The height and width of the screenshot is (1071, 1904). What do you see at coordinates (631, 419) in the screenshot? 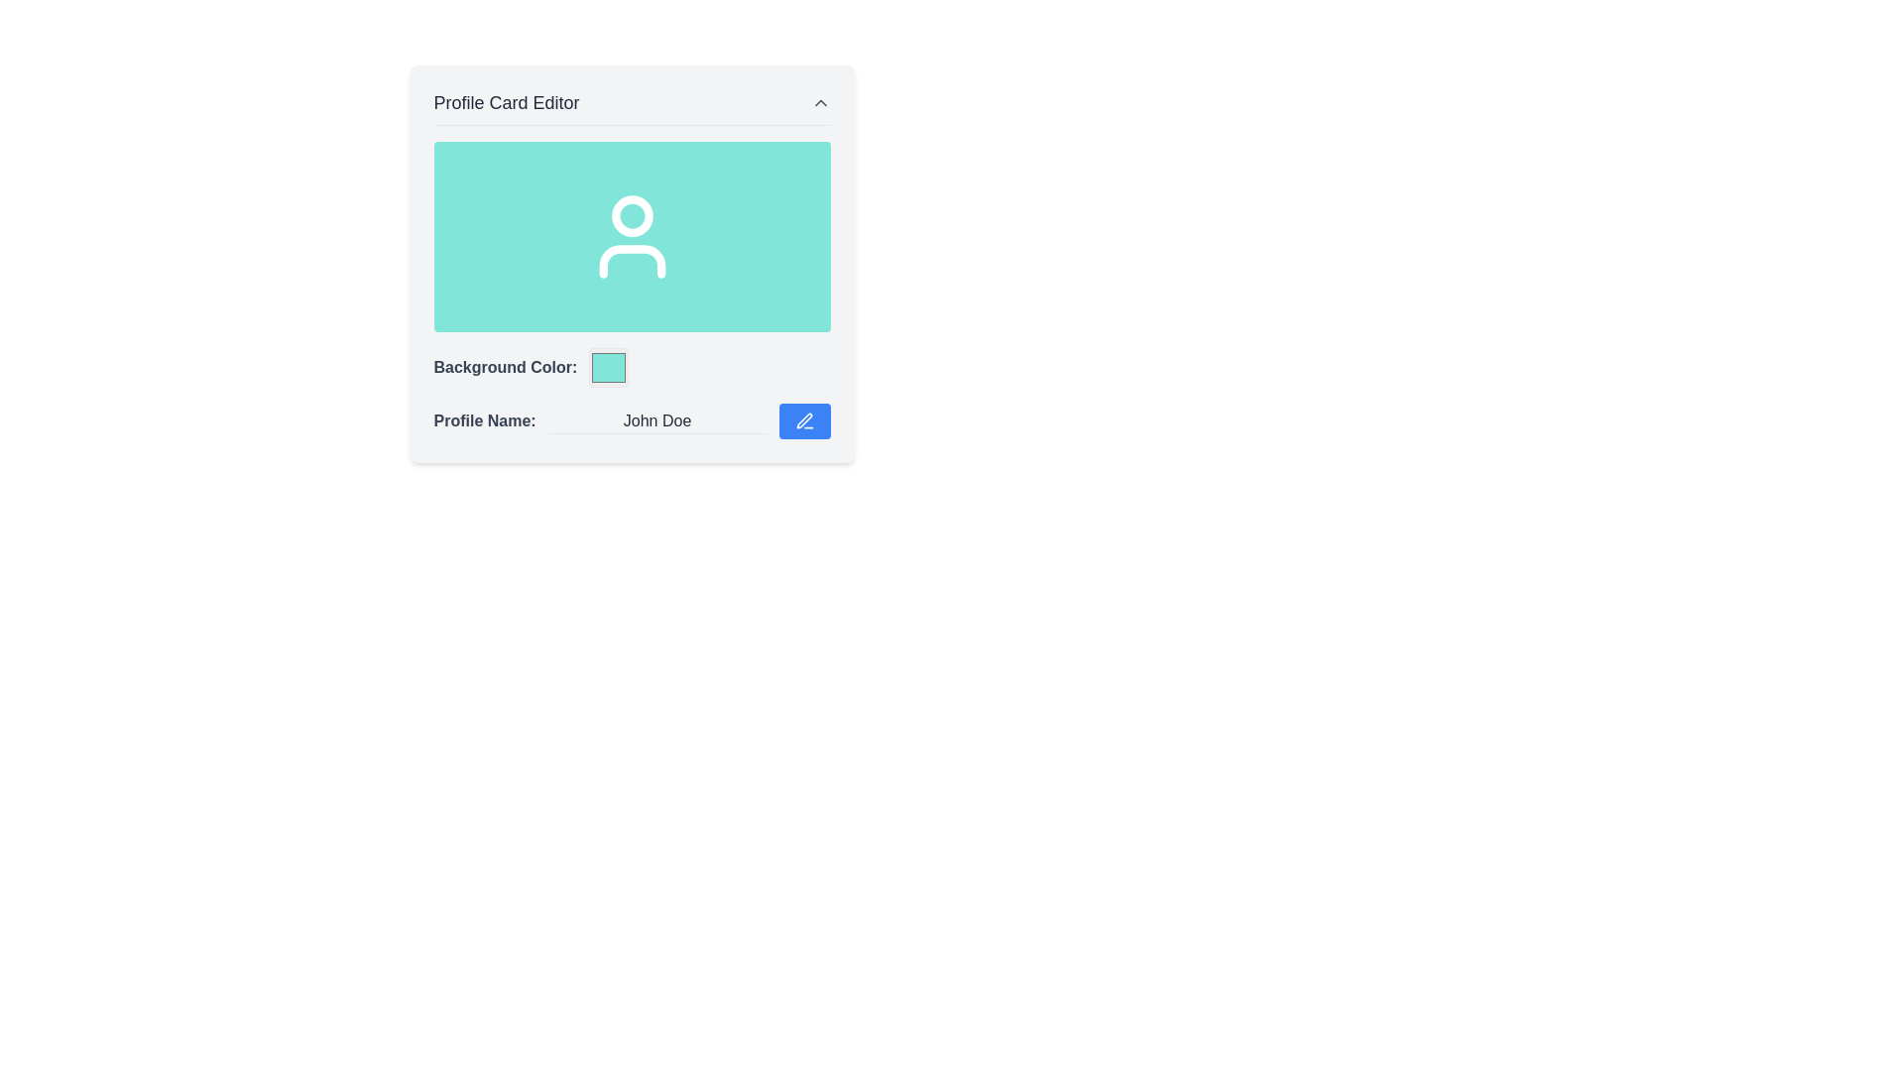
I see `the text in the text field labeled 'Profile Name:' which displays 'John Doe' for copying` at bounding box center [631, 419].